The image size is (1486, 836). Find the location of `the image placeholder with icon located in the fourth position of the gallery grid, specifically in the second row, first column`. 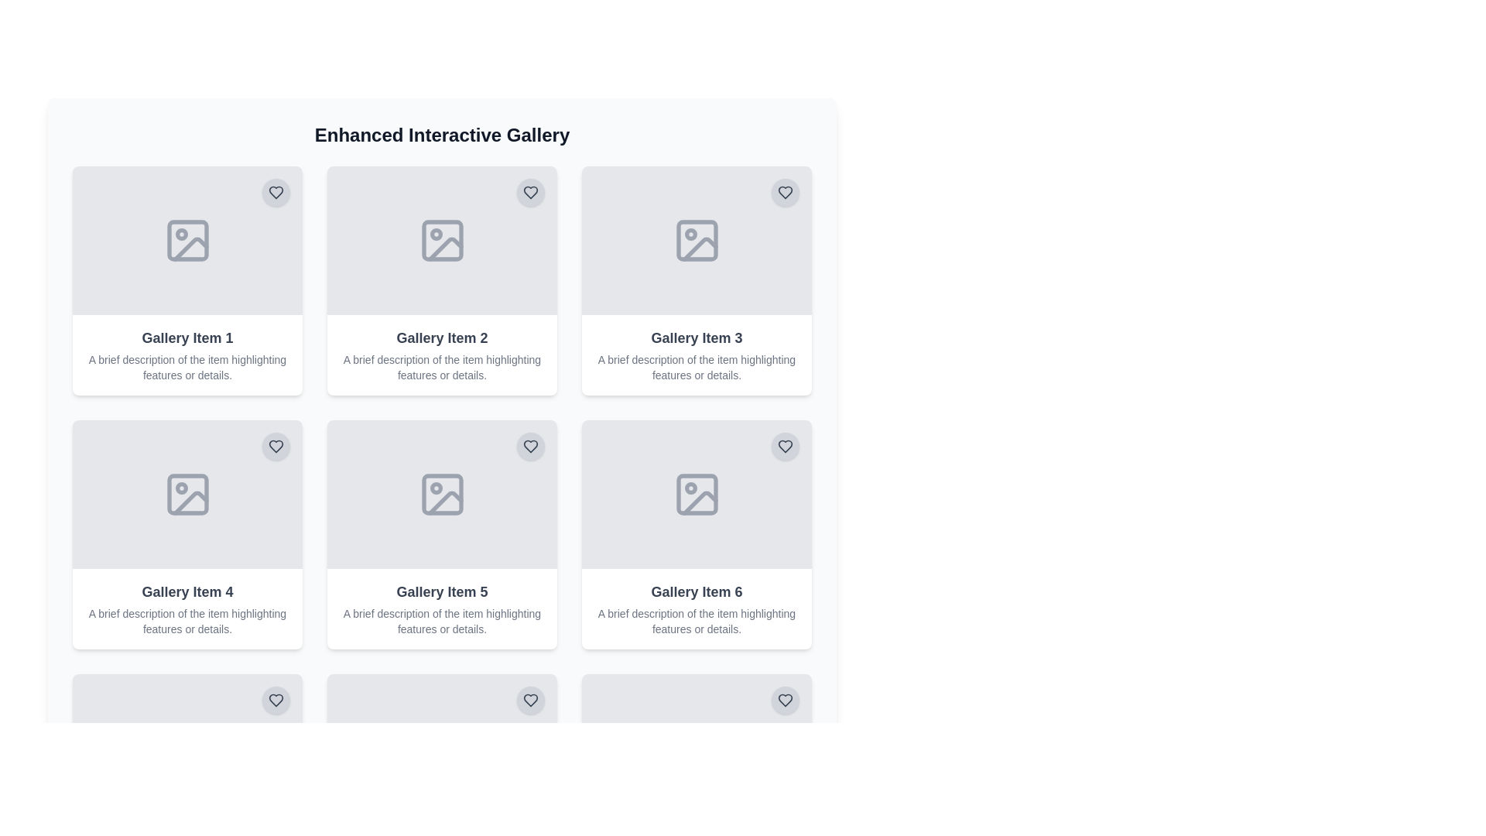

the image placeholder with icon located in the fourth position of the gallery grid, specifically in the second row, first column is located at coordinates (187, 495).